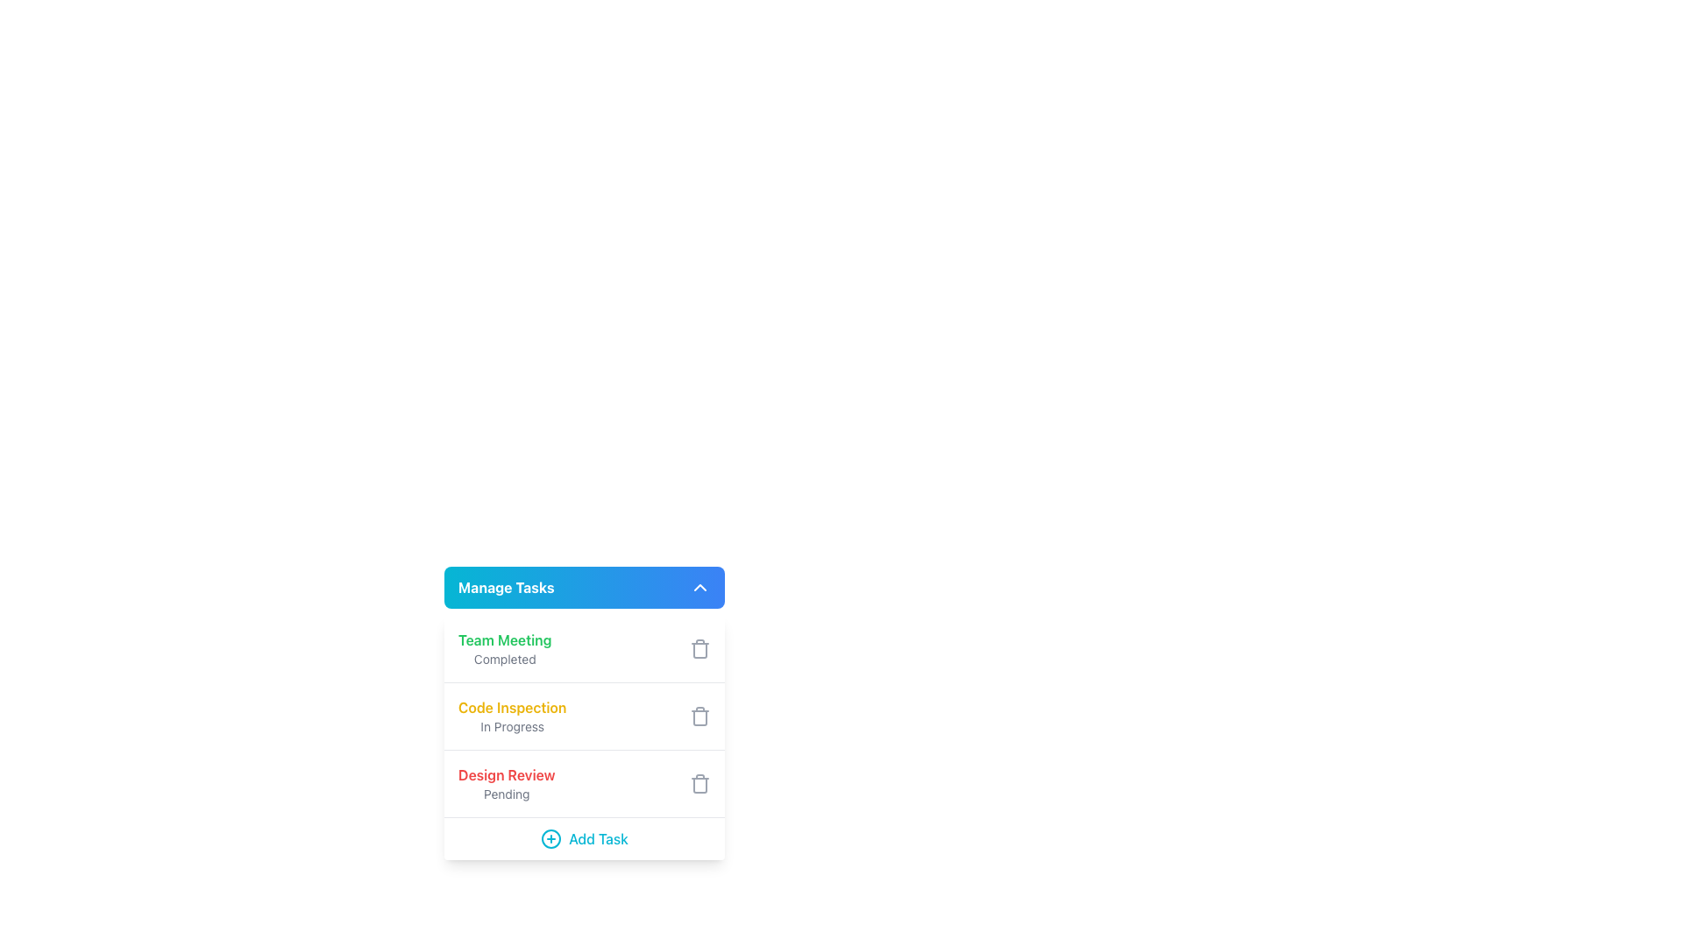 This screenshot has height=946, width=1683. What do you see at coordinates (511, 716) in the screenshot?
I see `the task title and status text located in the middle of the task list, specifically the second entry below 'Team Meeting' and above 'Design Review'` at bounding box center [511, 716].